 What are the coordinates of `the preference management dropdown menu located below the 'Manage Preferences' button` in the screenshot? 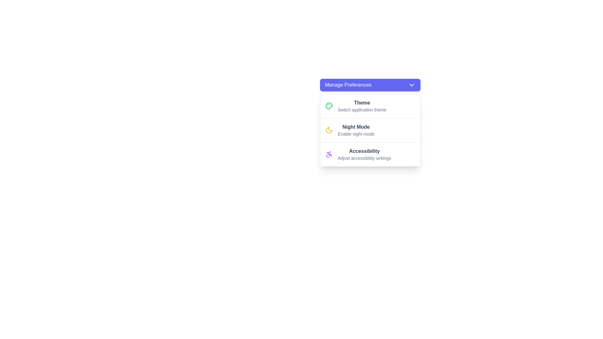 It's located at (370, 130).